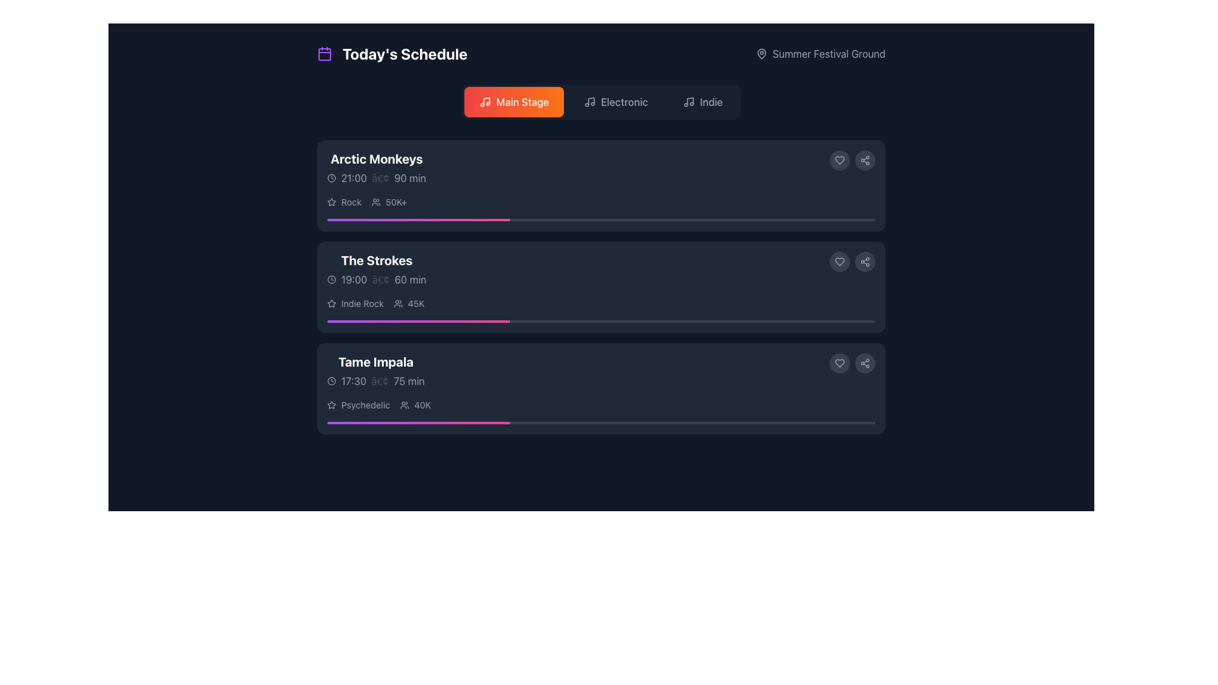  What do you see at coordinates (418, 320) in the screenshot?
I see `the progress indicator representing the task completion for 'The Strokes' music event, located in the second horizontal progress bar under its entry` at bounding box center [418, 320].